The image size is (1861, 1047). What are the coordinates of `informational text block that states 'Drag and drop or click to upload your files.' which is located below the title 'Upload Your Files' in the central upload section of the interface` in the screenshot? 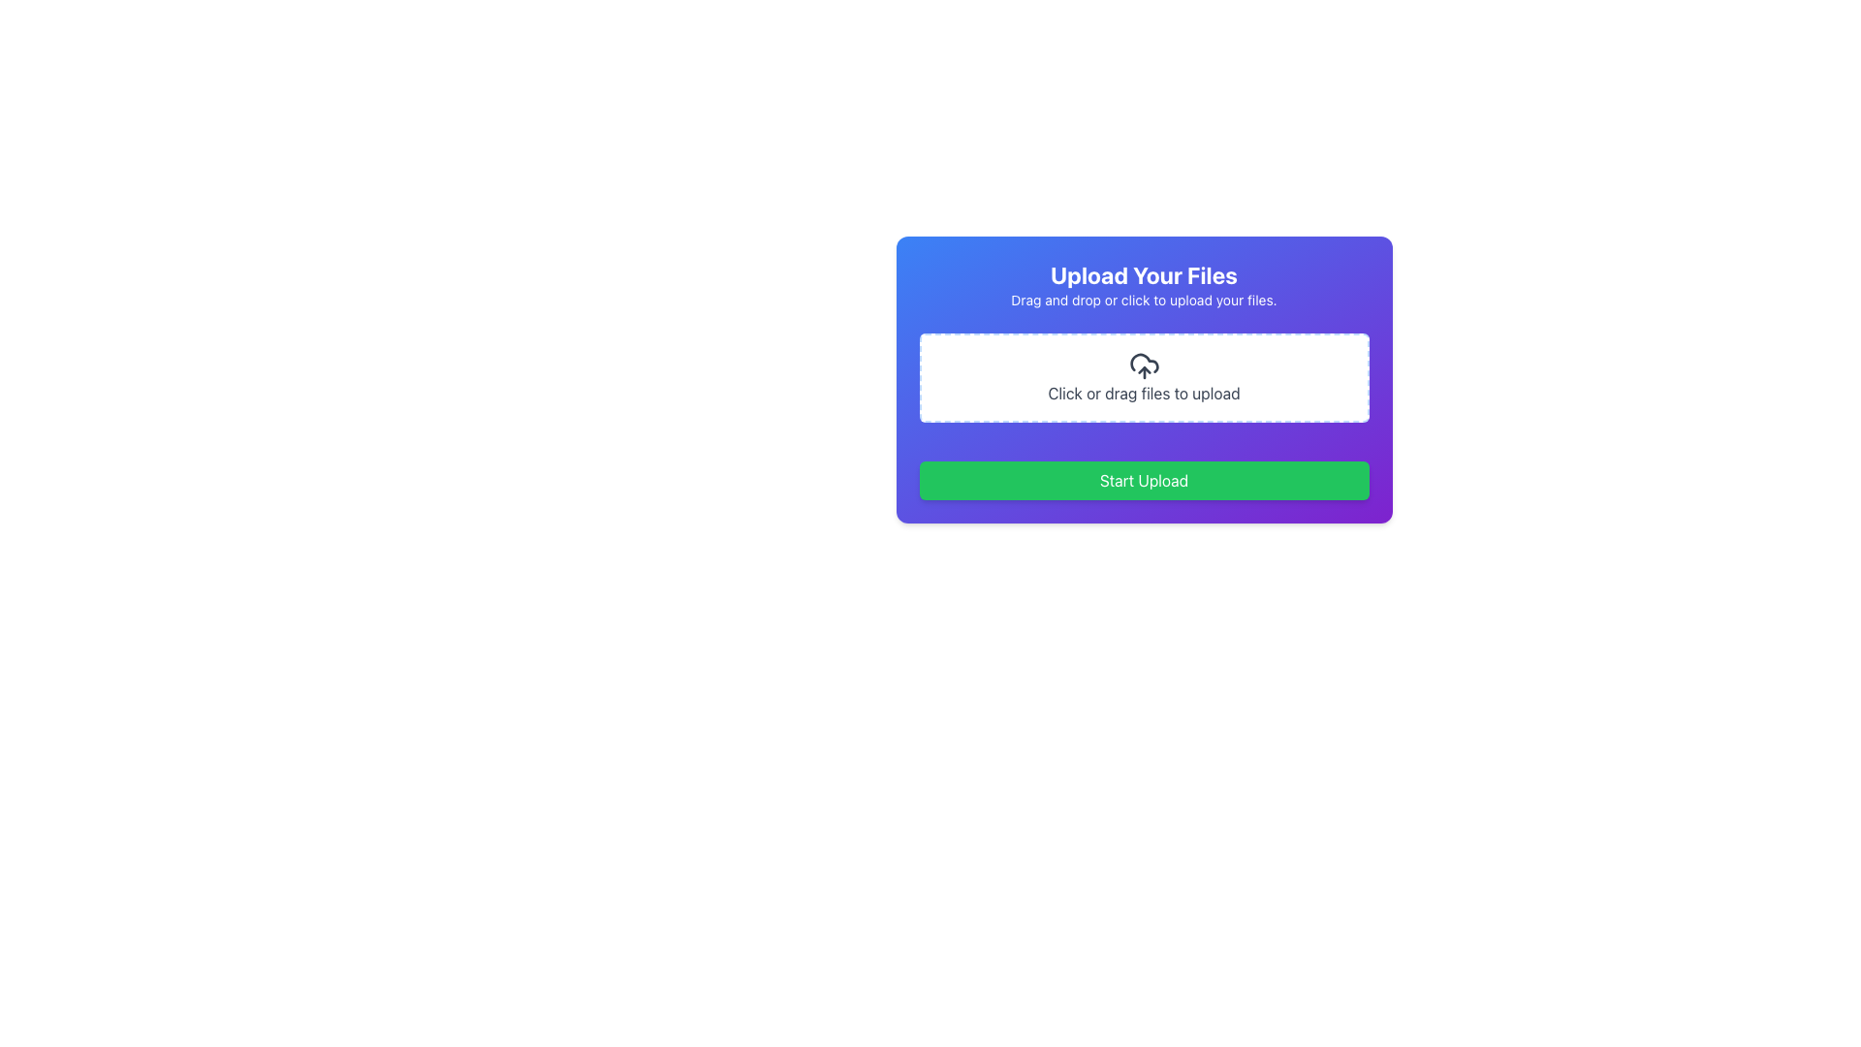 It's located at (1144, 300).